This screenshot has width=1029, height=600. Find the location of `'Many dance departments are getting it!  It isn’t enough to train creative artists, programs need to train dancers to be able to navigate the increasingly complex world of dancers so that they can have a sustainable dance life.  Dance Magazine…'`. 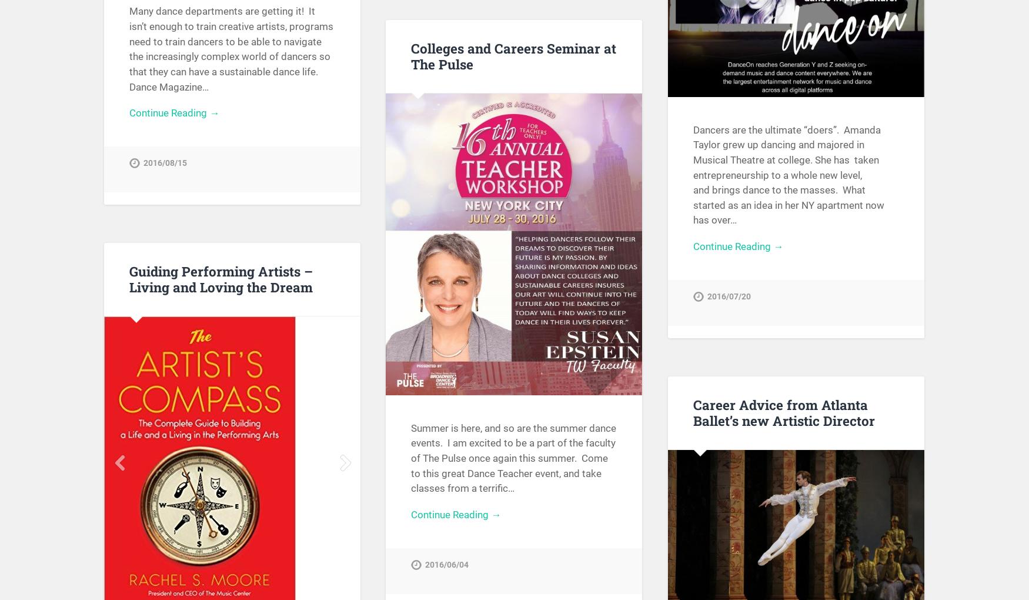

'Many dance departments are getting it!  It isn’t enough to train creative artists, programs need to train dancers to be able to navigate the increasingly complex world of dancers so that they can have a sustainable dance life.  Dance Magazine…' is located at coordinates (230, 49).